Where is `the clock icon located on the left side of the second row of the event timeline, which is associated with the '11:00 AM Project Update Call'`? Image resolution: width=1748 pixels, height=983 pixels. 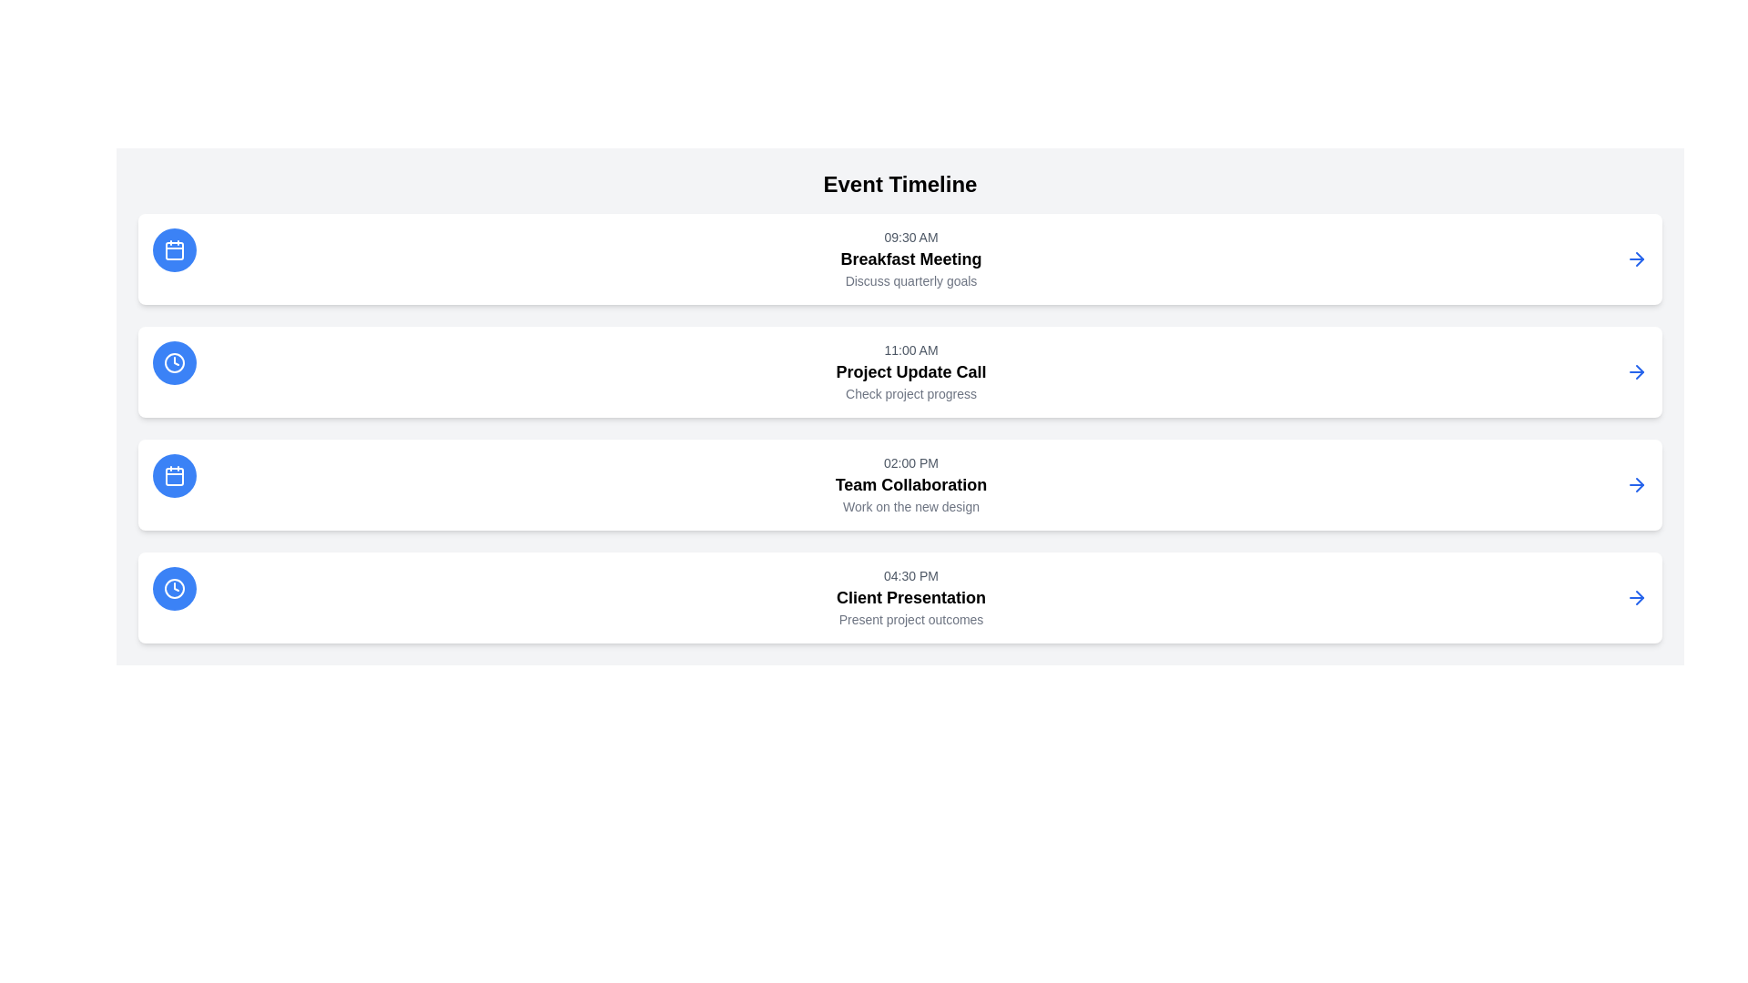 the clock icon located on the left side of the second row of the event timeline, which is associated with the '11:00 AM Project Update Call' is located at coordinates (175, 362).